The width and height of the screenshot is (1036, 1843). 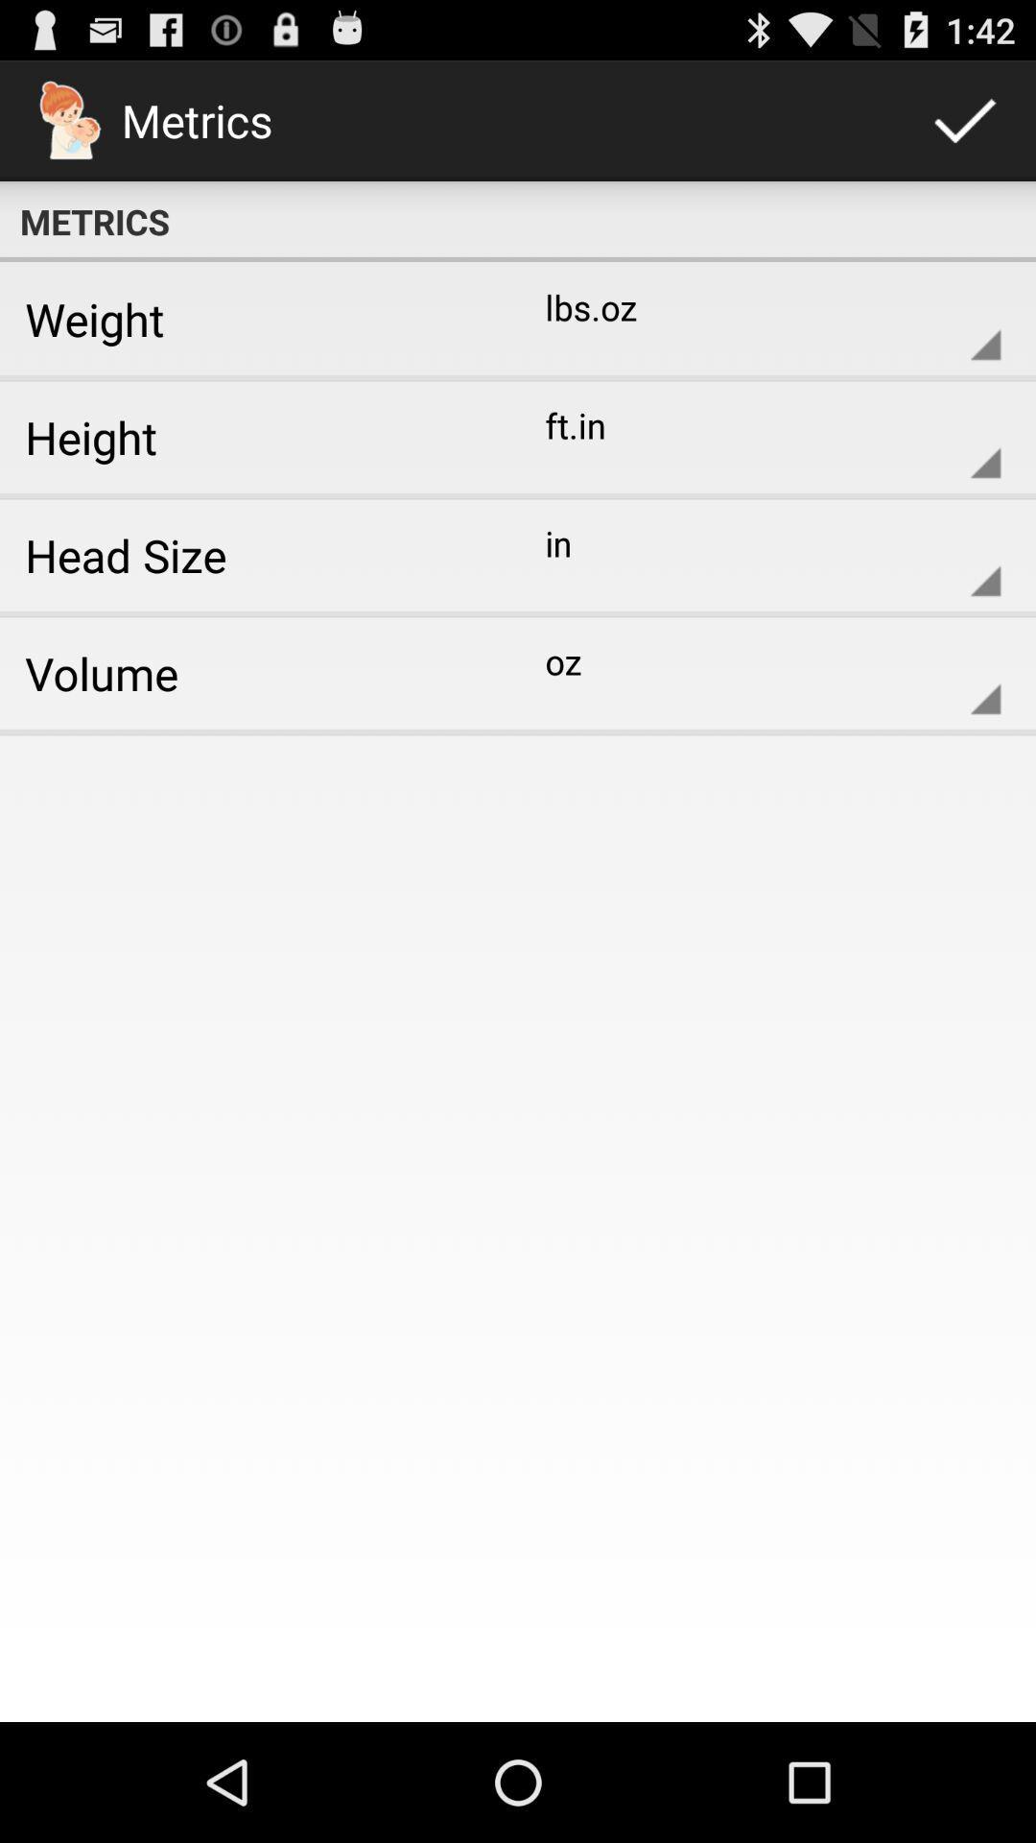 What do you see at coordinates (251, 673) in the screenshot?
I see `the volume item` at bounding box center [251, 673].